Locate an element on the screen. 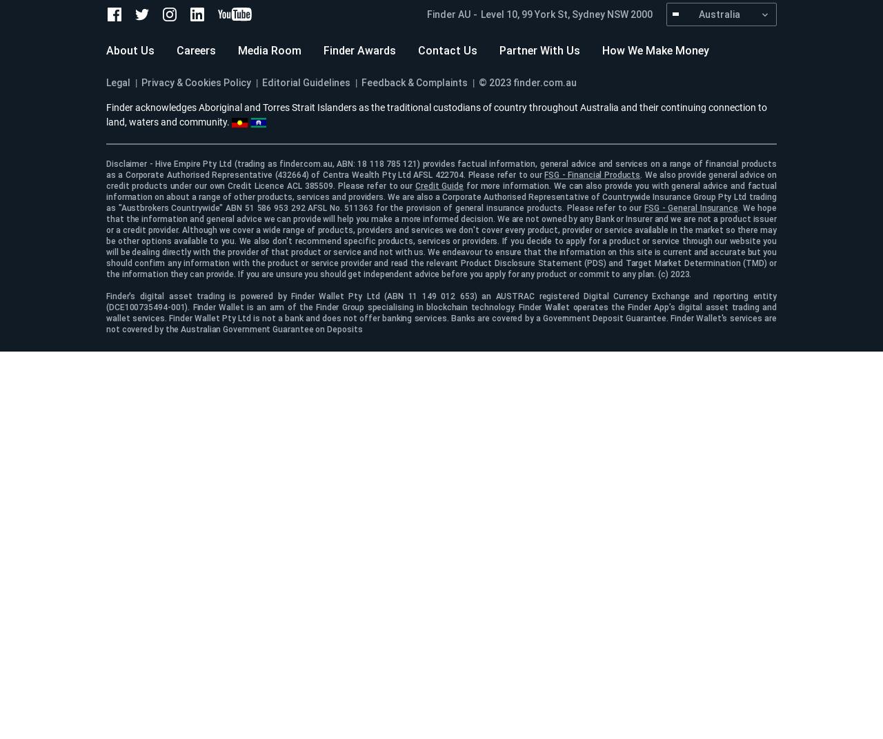 The image size is (883, 739). 'Finder AU' is located at coordinates (448, 13).